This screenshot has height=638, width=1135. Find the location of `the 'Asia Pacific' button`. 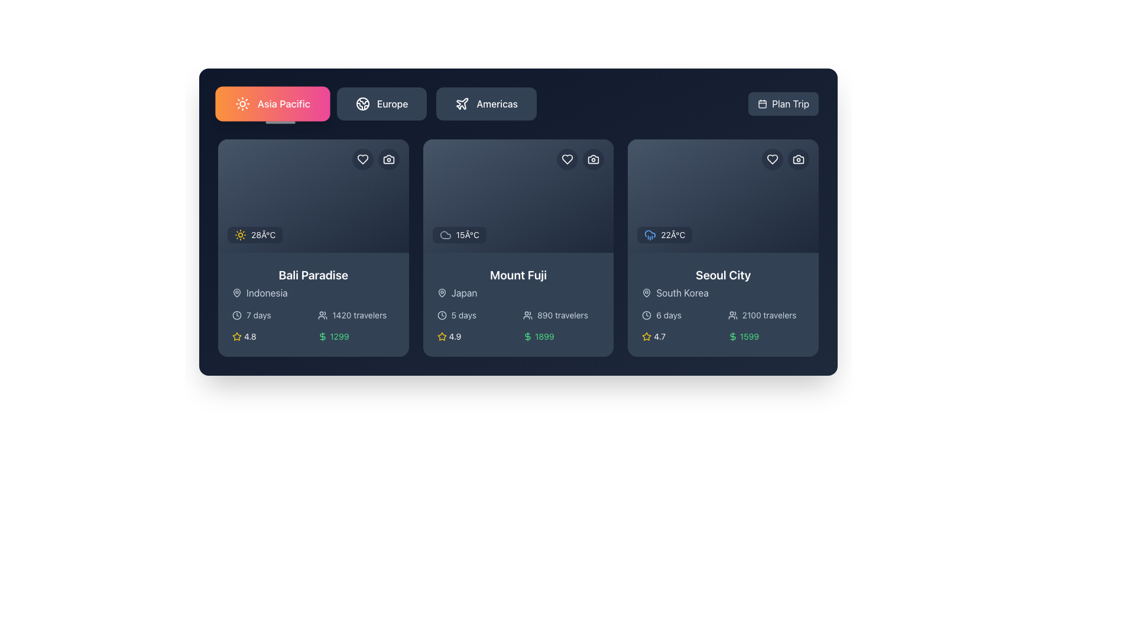

the 'Asia Pacific' button is located at coordinates (272, 103).